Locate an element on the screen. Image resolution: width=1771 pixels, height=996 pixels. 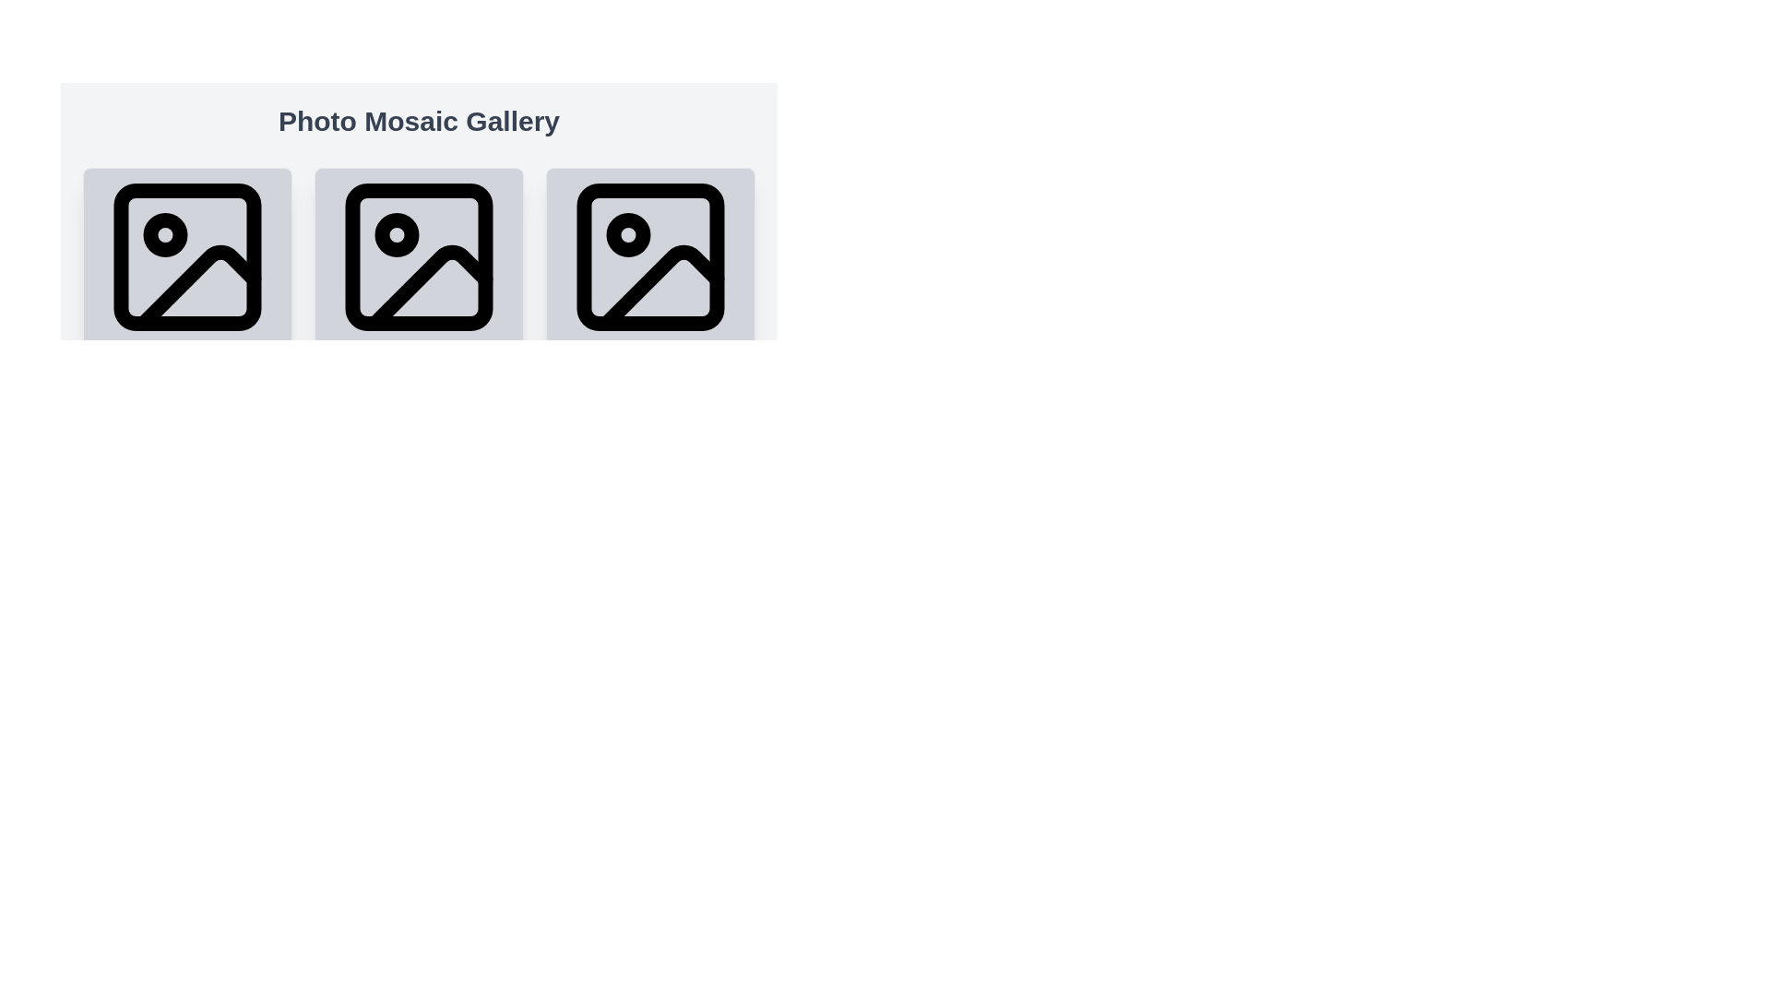
the light gray rectangular element with rounded corners, which serves as a placeholder or icon background is located at coordinates (650, 256).